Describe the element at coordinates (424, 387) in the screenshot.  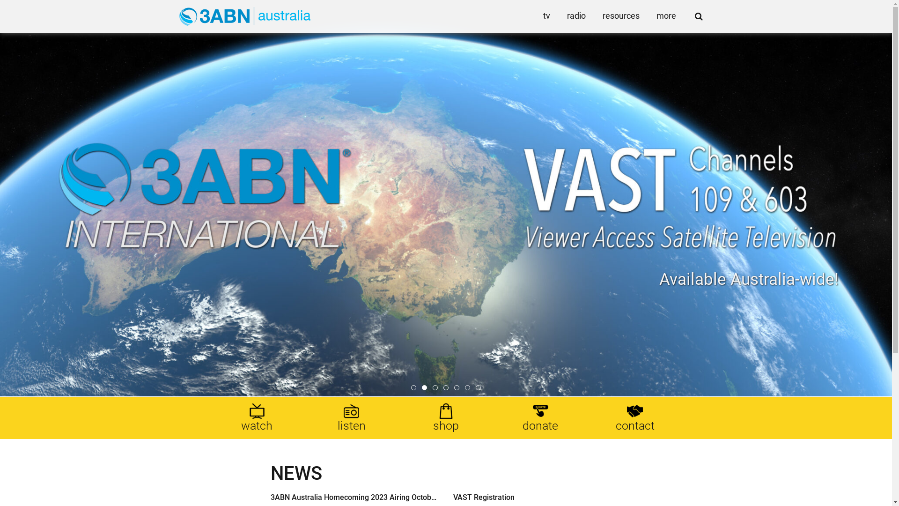
I see `'2'` at that location.